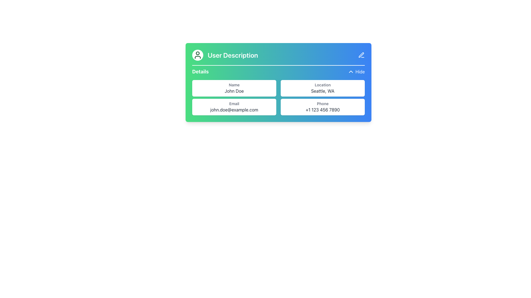  What do you see at coordinates (350, 71) in the screenshot?
I see `the Chevron icon` at bounding box center [350, 71].